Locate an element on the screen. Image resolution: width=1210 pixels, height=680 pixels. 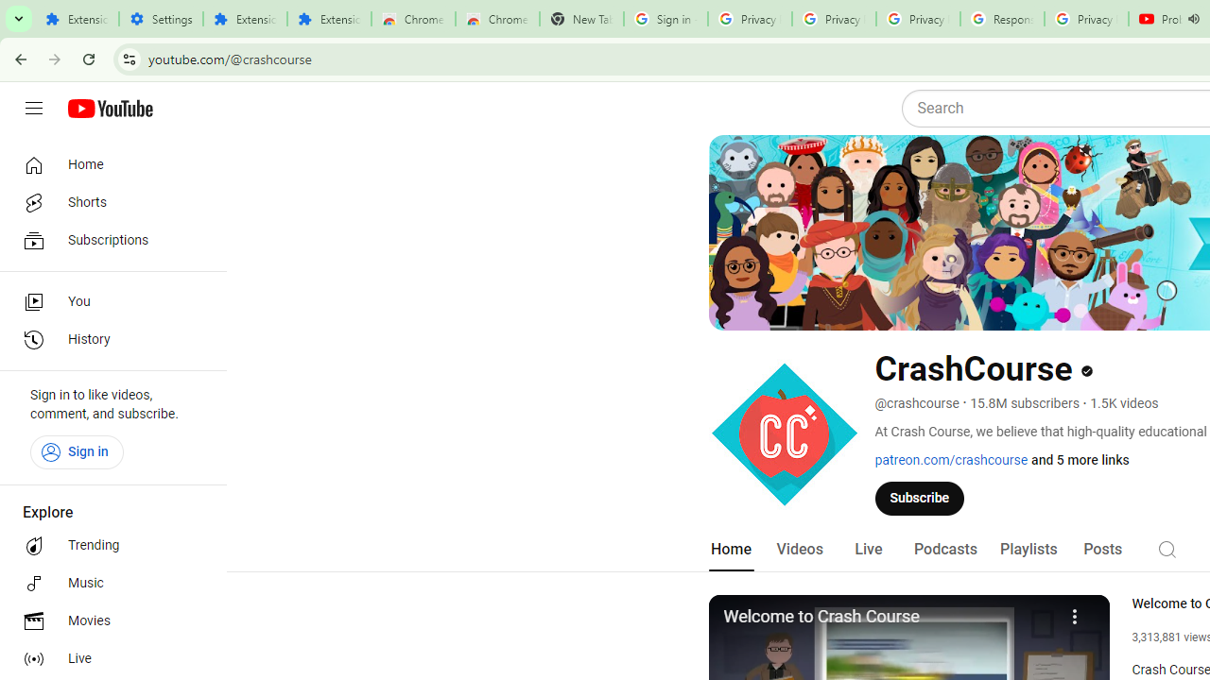
'Live' is located at coordinates (867, 549).